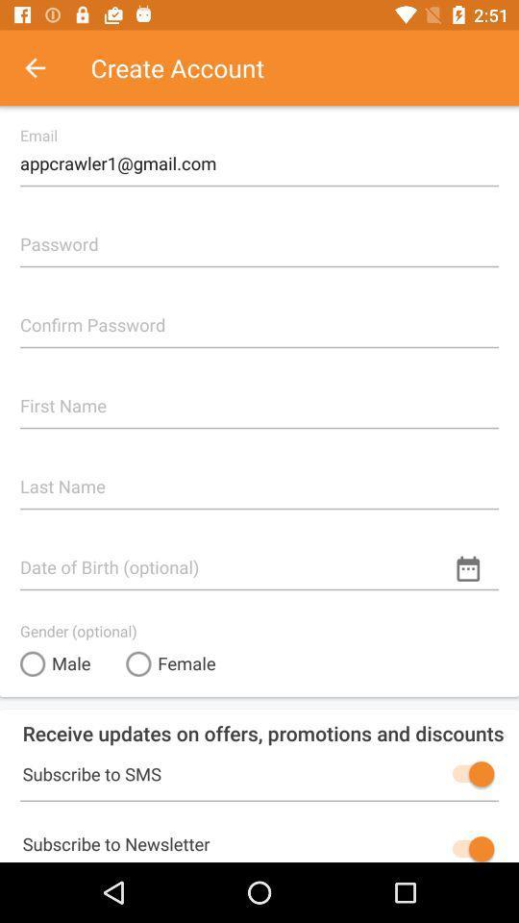 The image size is (519, 923). I want to click on icon below gender (optional) item, so click(55, 663).